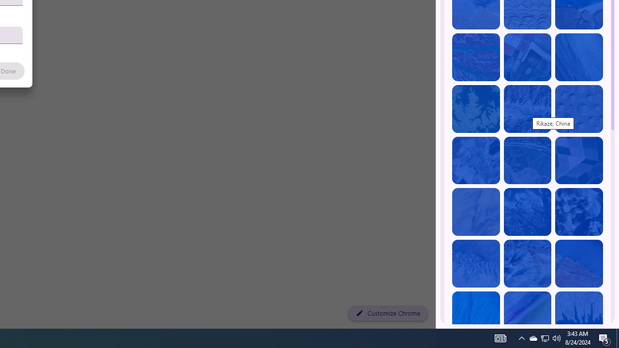 The width and height of the screenshot is (619, 348). I want to click on 'Rikaze, China', so click(527, 109).